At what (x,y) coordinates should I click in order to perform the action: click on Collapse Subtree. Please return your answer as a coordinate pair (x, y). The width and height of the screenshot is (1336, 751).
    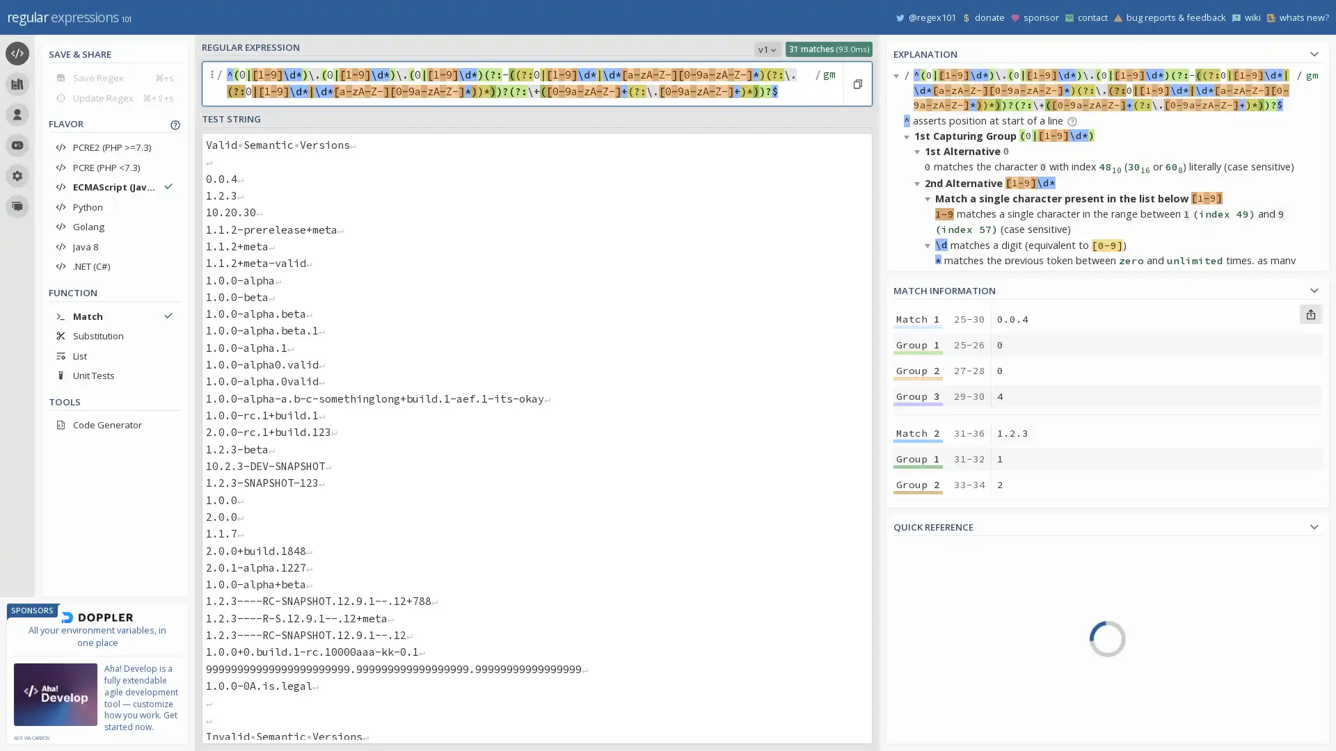
    Looking at the image, I should click on (930, 243).